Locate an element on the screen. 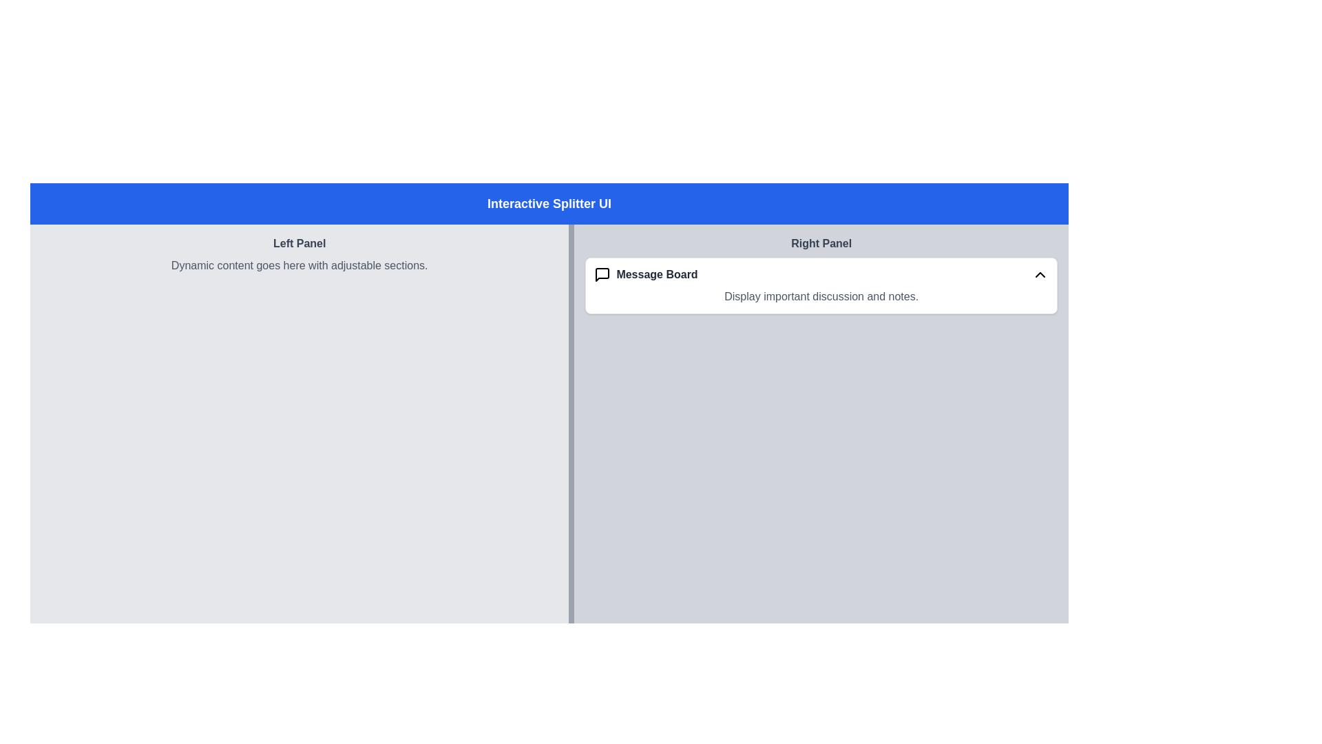 Image resolution: width=1322 pixels, height=744 pixels. the upward-pointing chevron icon located at the top-right corner of the Right Panel is located at coordinates (1040, 274).